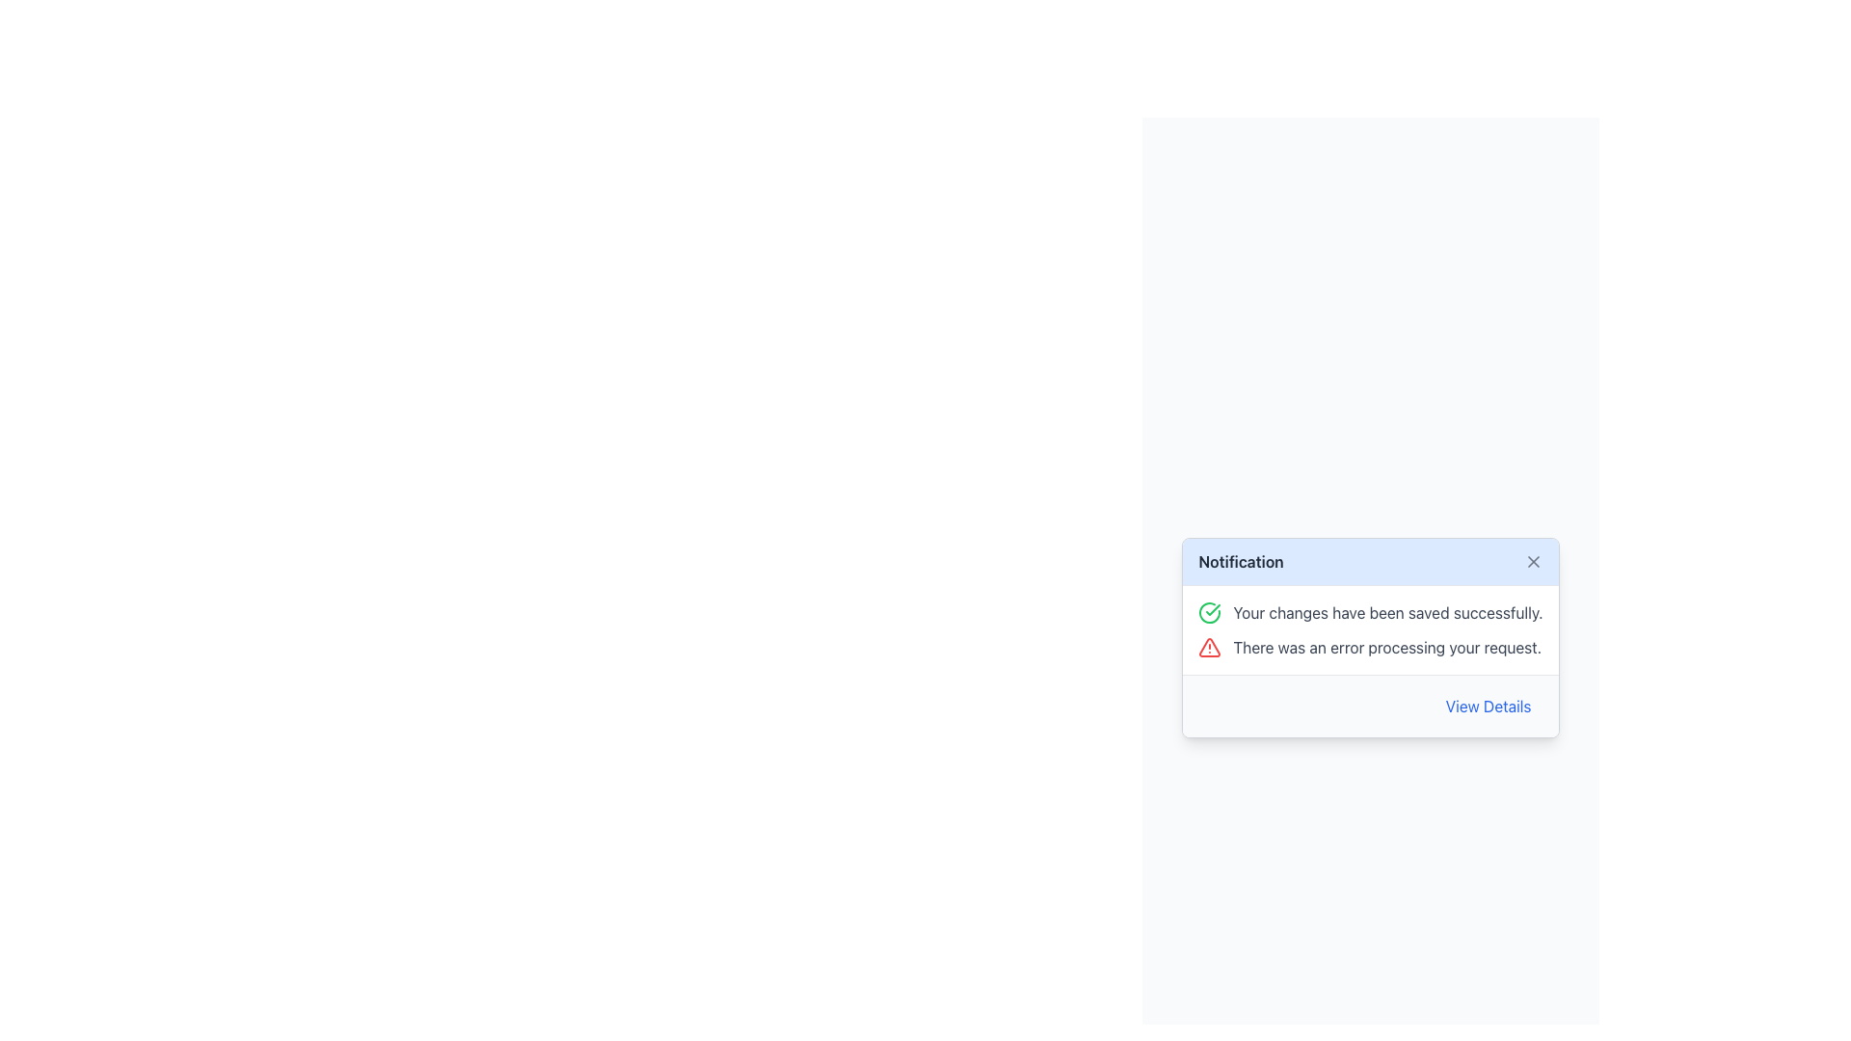 This screenshot has height=1041, width=1851. I want to click on the static text notification that says 'Your changes have been saved successfully.', so click(1388, 613).